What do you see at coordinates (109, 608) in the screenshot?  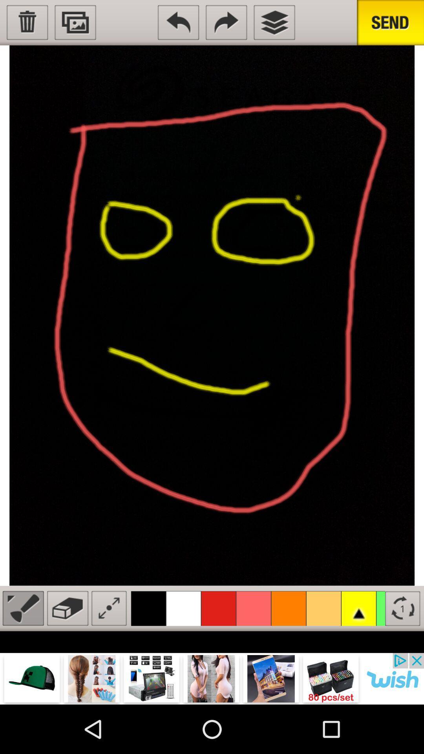 I see `resize brush` at bounding box center [109, 608].